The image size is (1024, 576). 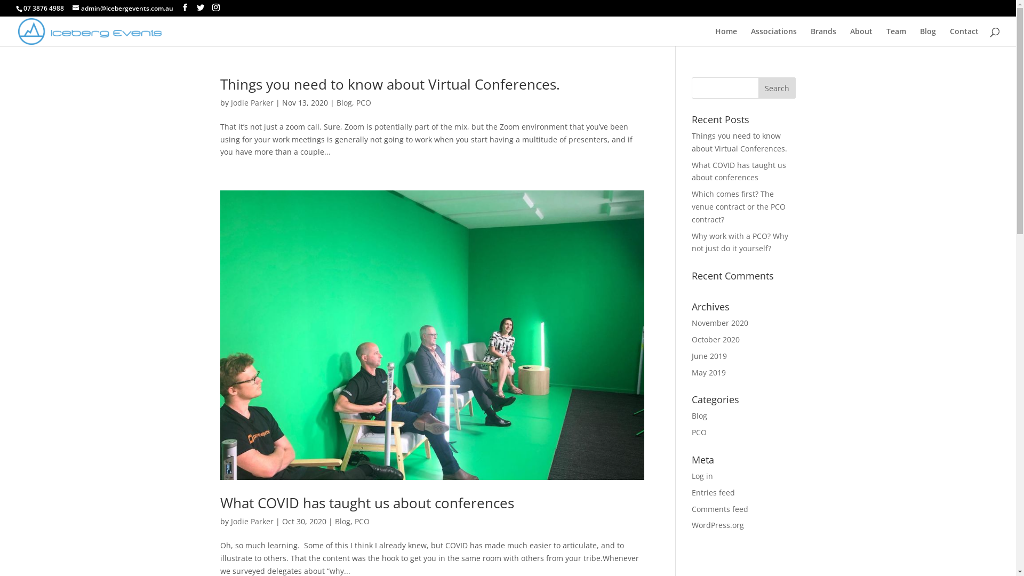 I want to click on 'Which comes first? The venue contract or the PCO contract?', so click(x=738, y=206).